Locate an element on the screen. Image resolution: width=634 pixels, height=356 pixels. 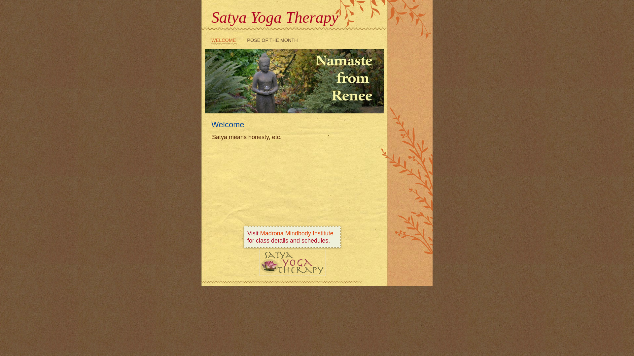
'POSE OF THE MONTH' is located at coordinates (247, 41).